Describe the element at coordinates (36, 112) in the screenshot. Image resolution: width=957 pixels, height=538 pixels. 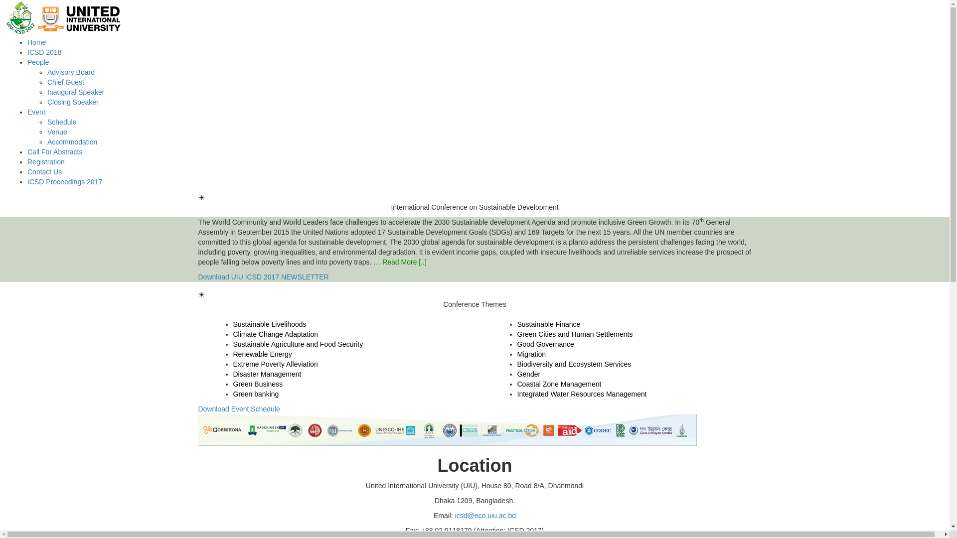
I see `'Event'` at that location.